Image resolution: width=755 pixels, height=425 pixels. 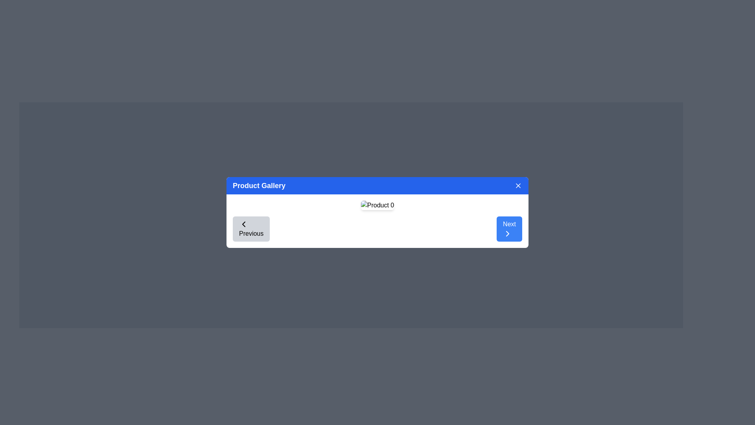 What do you see at coordinates (377, 205) in the screenshot?
I see `on the product preview image in the 'Product Gallery' modal` at bounding box center [377, 205].